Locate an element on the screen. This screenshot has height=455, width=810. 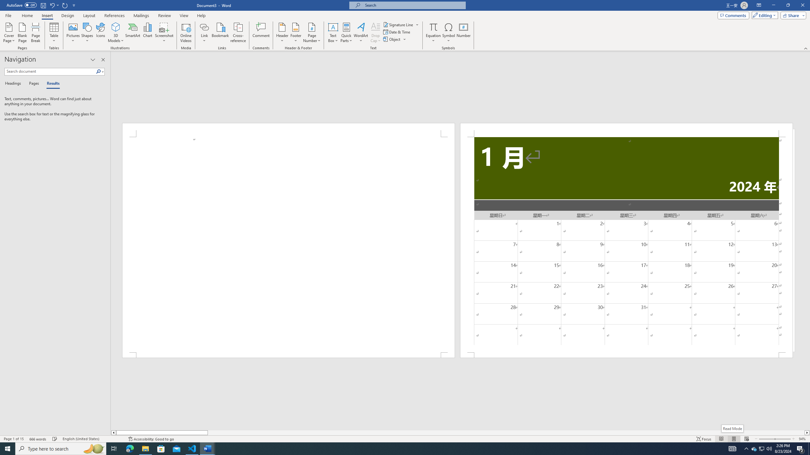
'Search' is located at coordinates (100, 71).